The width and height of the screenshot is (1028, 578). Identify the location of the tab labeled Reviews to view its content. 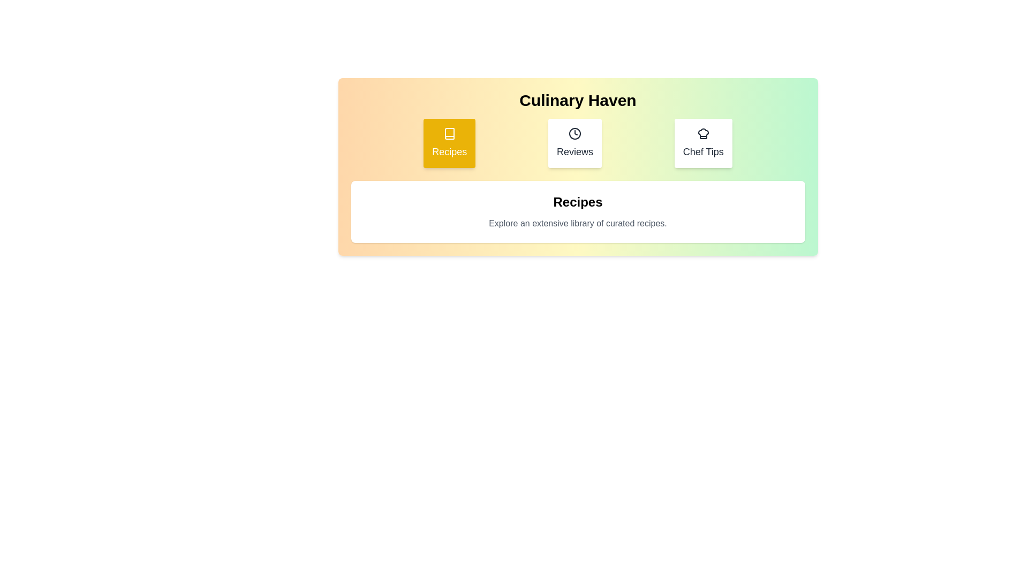
(575, 142).